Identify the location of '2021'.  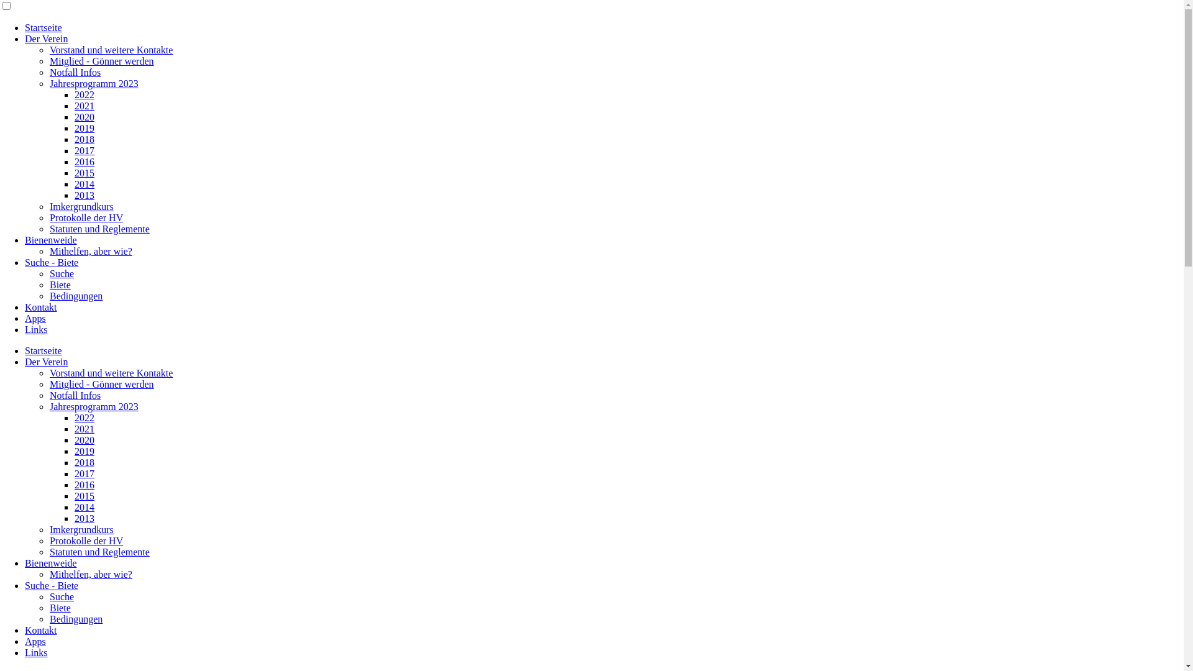
(83, 428).